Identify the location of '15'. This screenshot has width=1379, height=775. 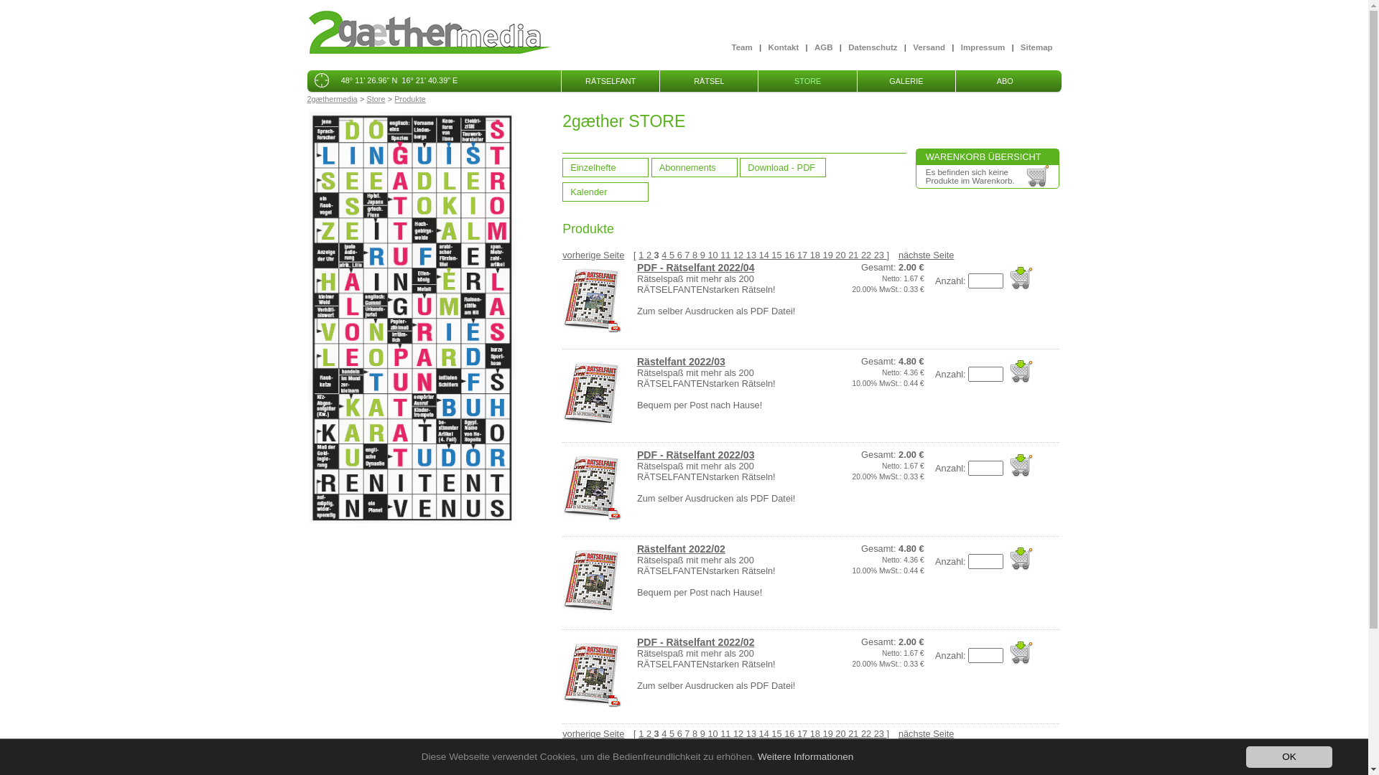
(777, 254).